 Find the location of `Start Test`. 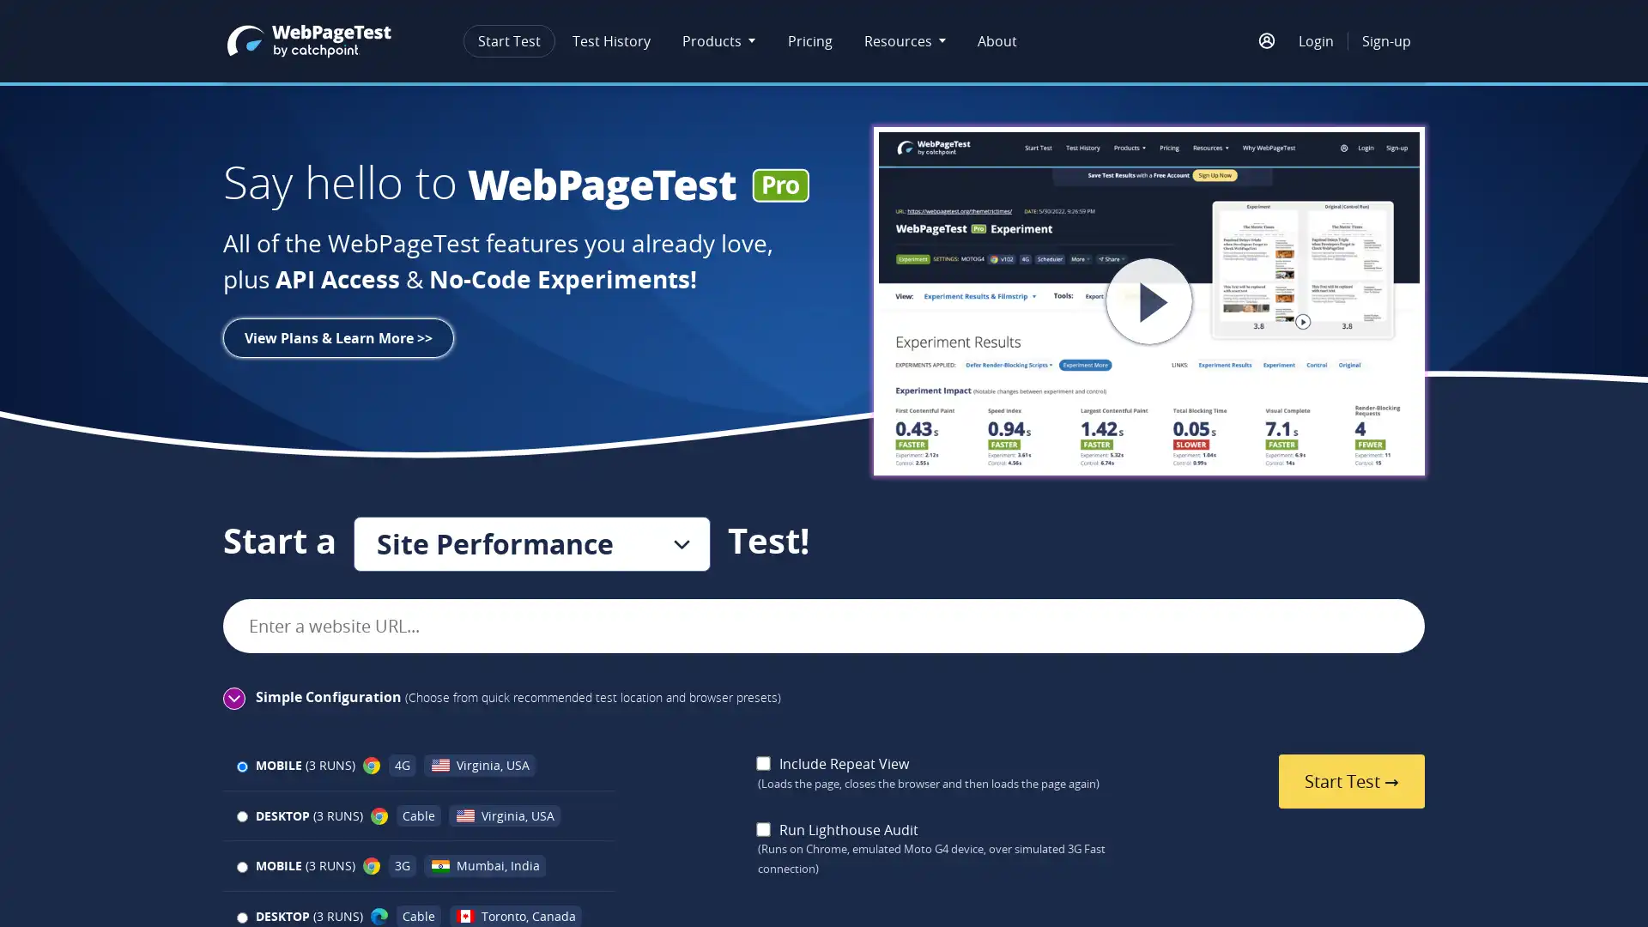

Start Test is located at coordinates (1350, 781).